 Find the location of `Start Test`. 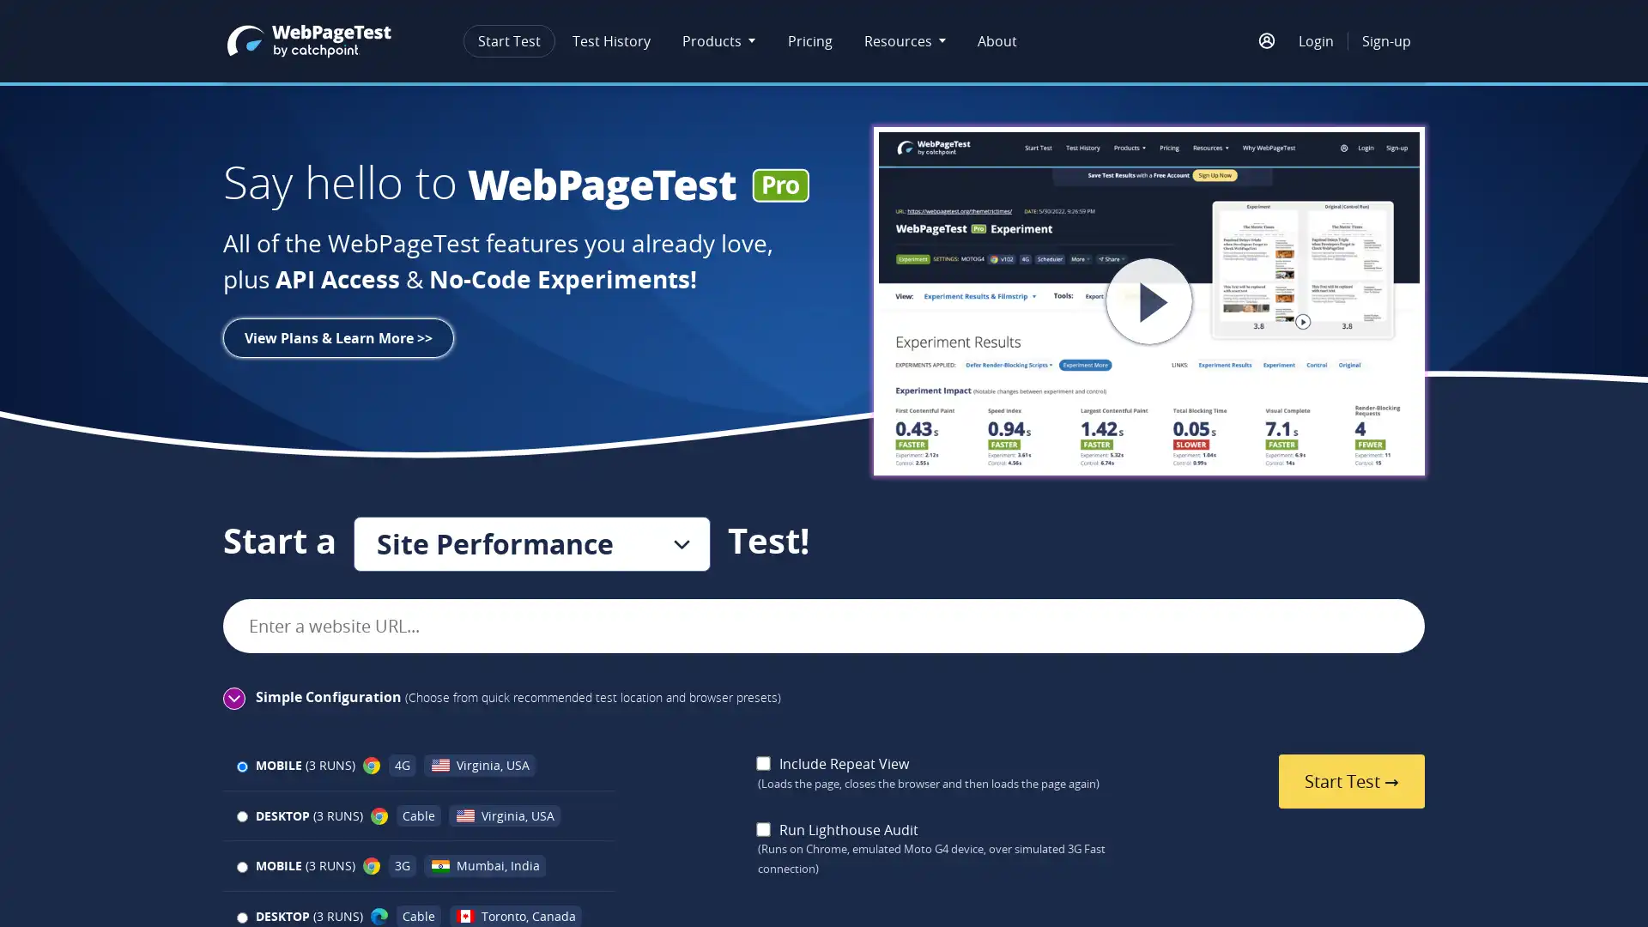

Start Test is located at coordinates (1350, 781).